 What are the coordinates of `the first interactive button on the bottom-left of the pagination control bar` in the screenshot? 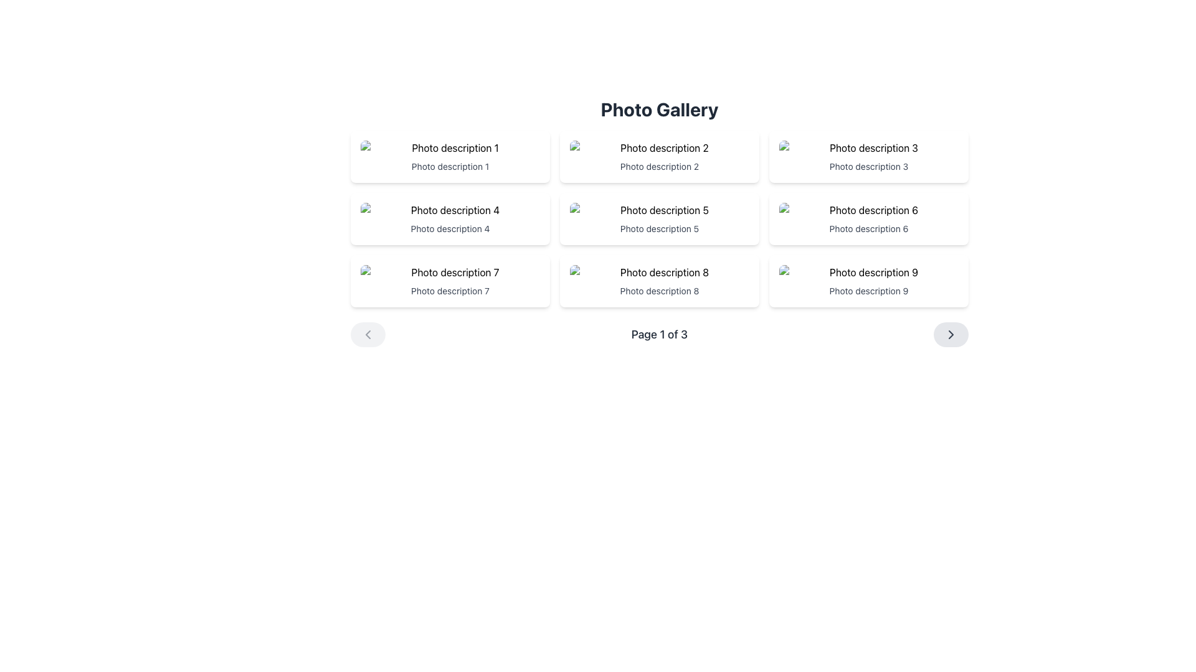 It's located at (367, 334).